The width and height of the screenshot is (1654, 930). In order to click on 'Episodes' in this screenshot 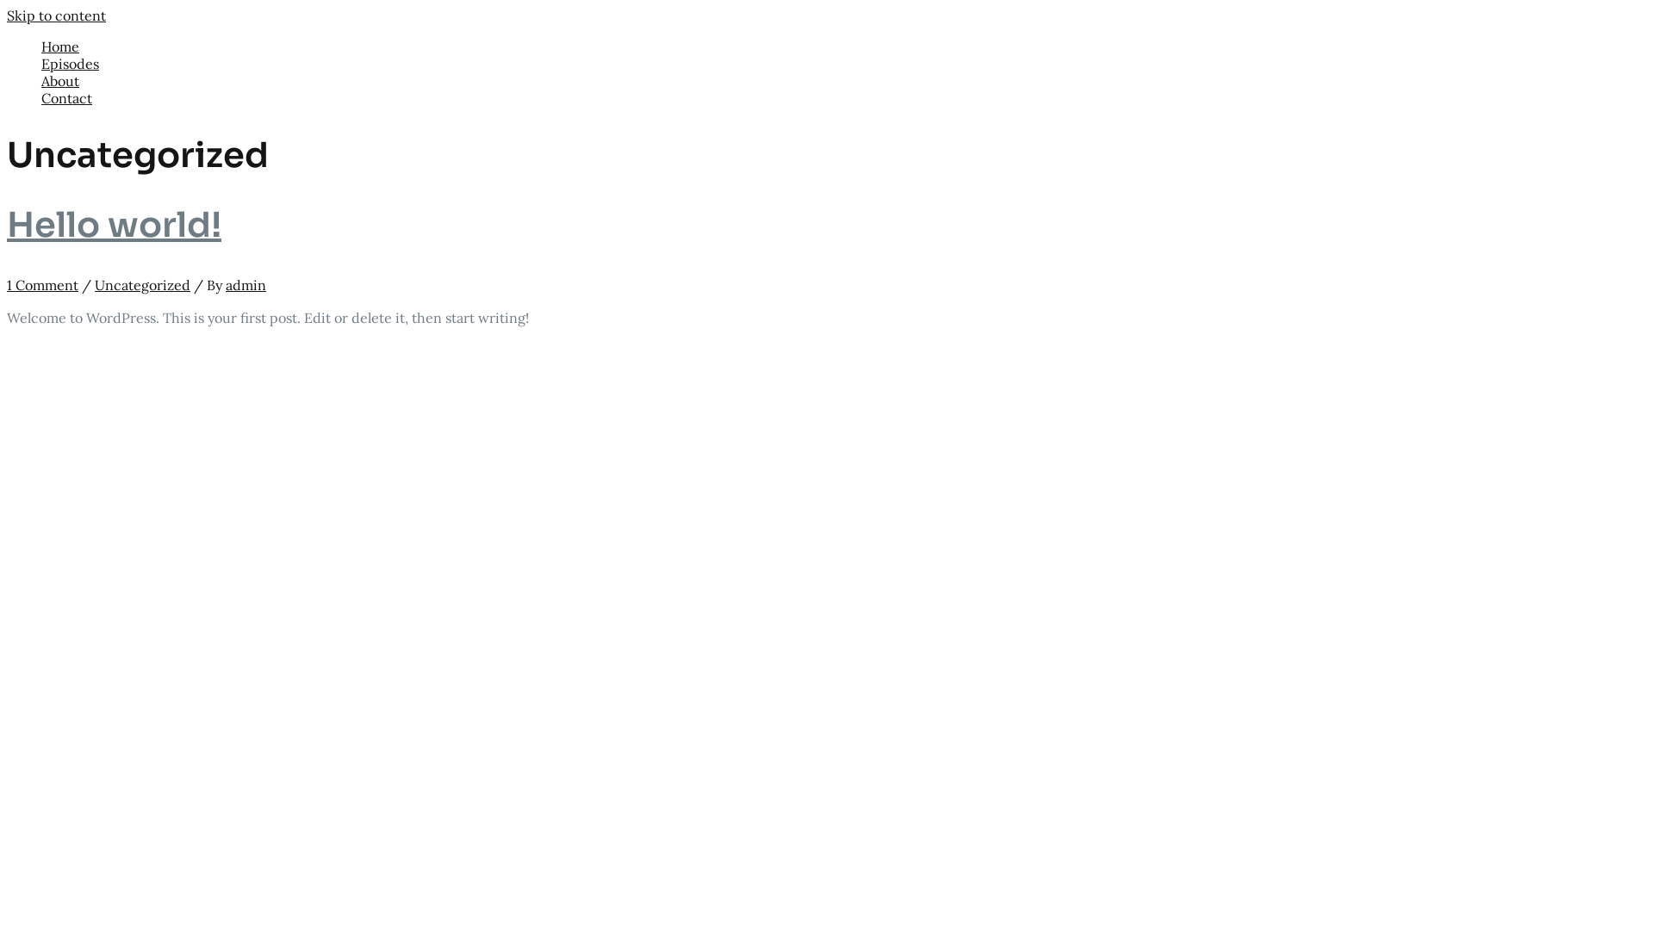, I will do `click(843, 62)`.